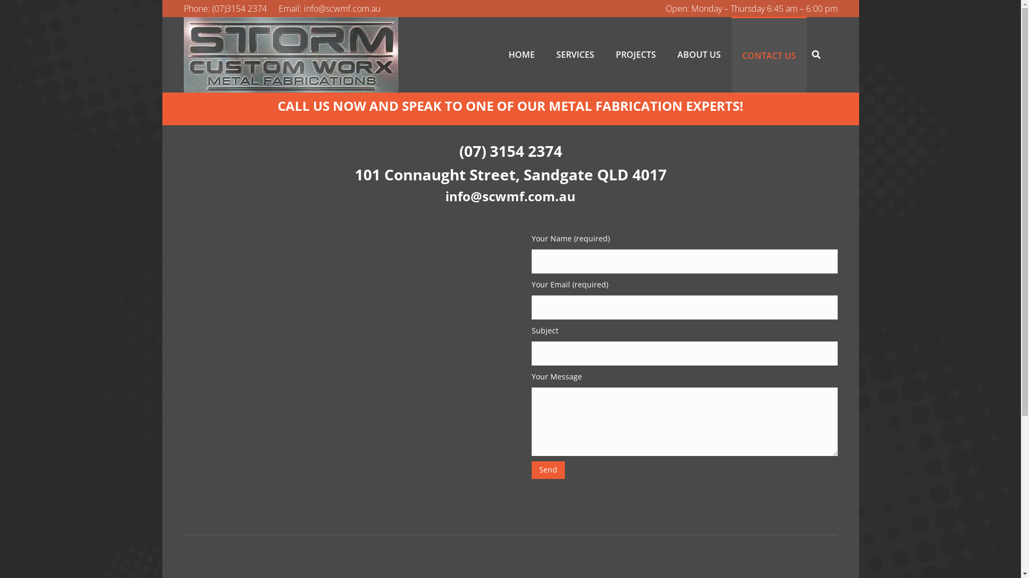 This screenshot has height=578, width=1029. What do you see at coordinates (605, 55) in the screenshot?
I see `'PROJECTS'` at bounding box center [605, 55].